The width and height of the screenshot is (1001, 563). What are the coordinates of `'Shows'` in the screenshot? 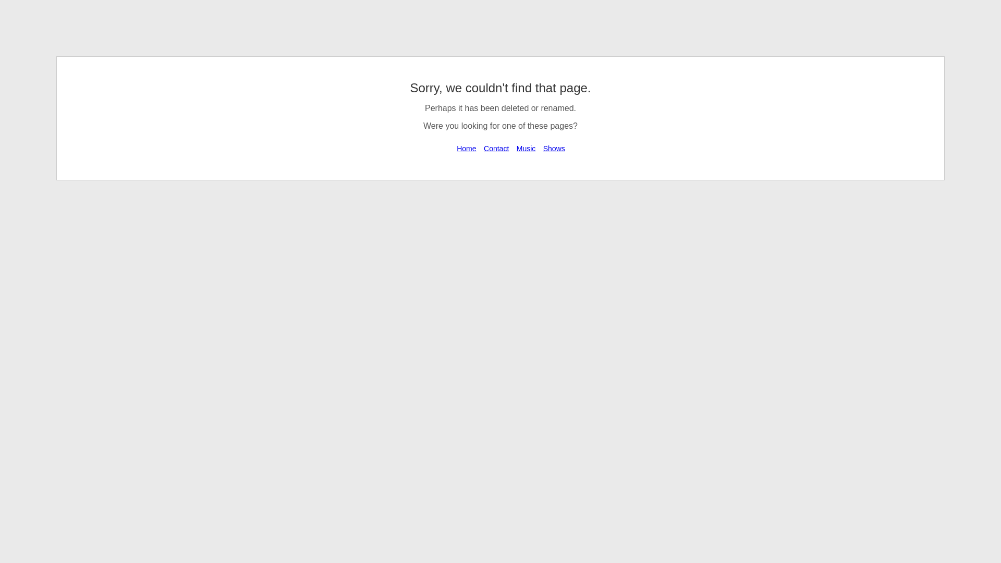 It's located at (553, 149).